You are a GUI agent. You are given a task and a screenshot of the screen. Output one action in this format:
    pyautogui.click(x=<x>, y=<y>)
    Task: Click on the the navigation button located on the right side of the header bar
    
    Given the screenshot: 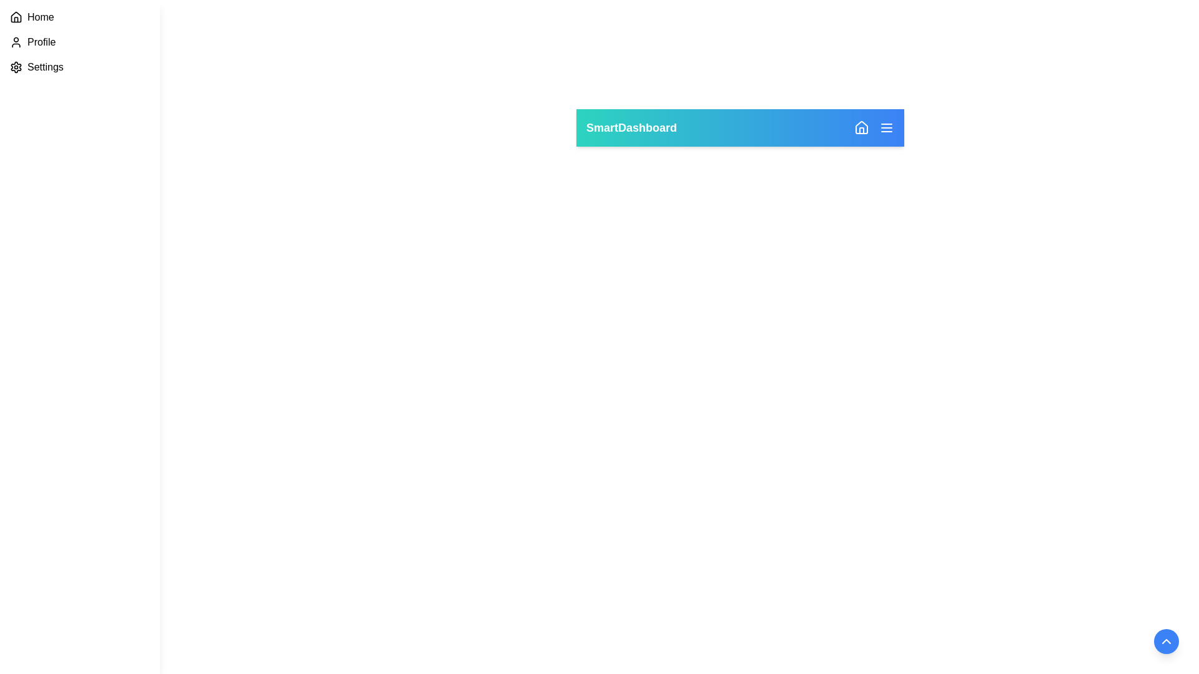 What is the action you would take?
    pyautogui.click(x=861, y=127)
    